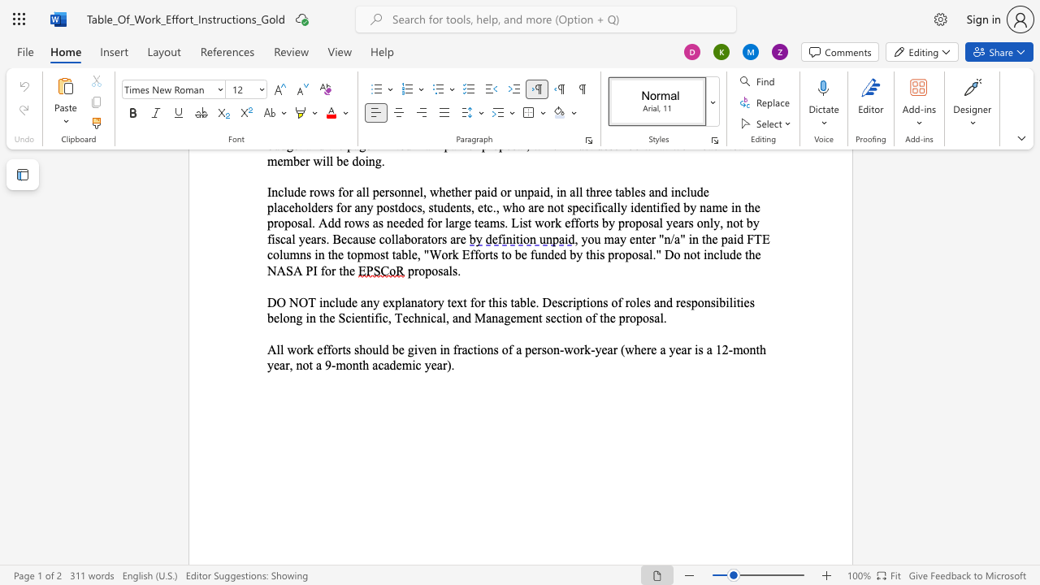 This screenshot has width=1040, height=585. Describe the element at coordinates (547, 349) in the screenshot. I see `the space between the continuous character "s" and "o" in the text` at that location.